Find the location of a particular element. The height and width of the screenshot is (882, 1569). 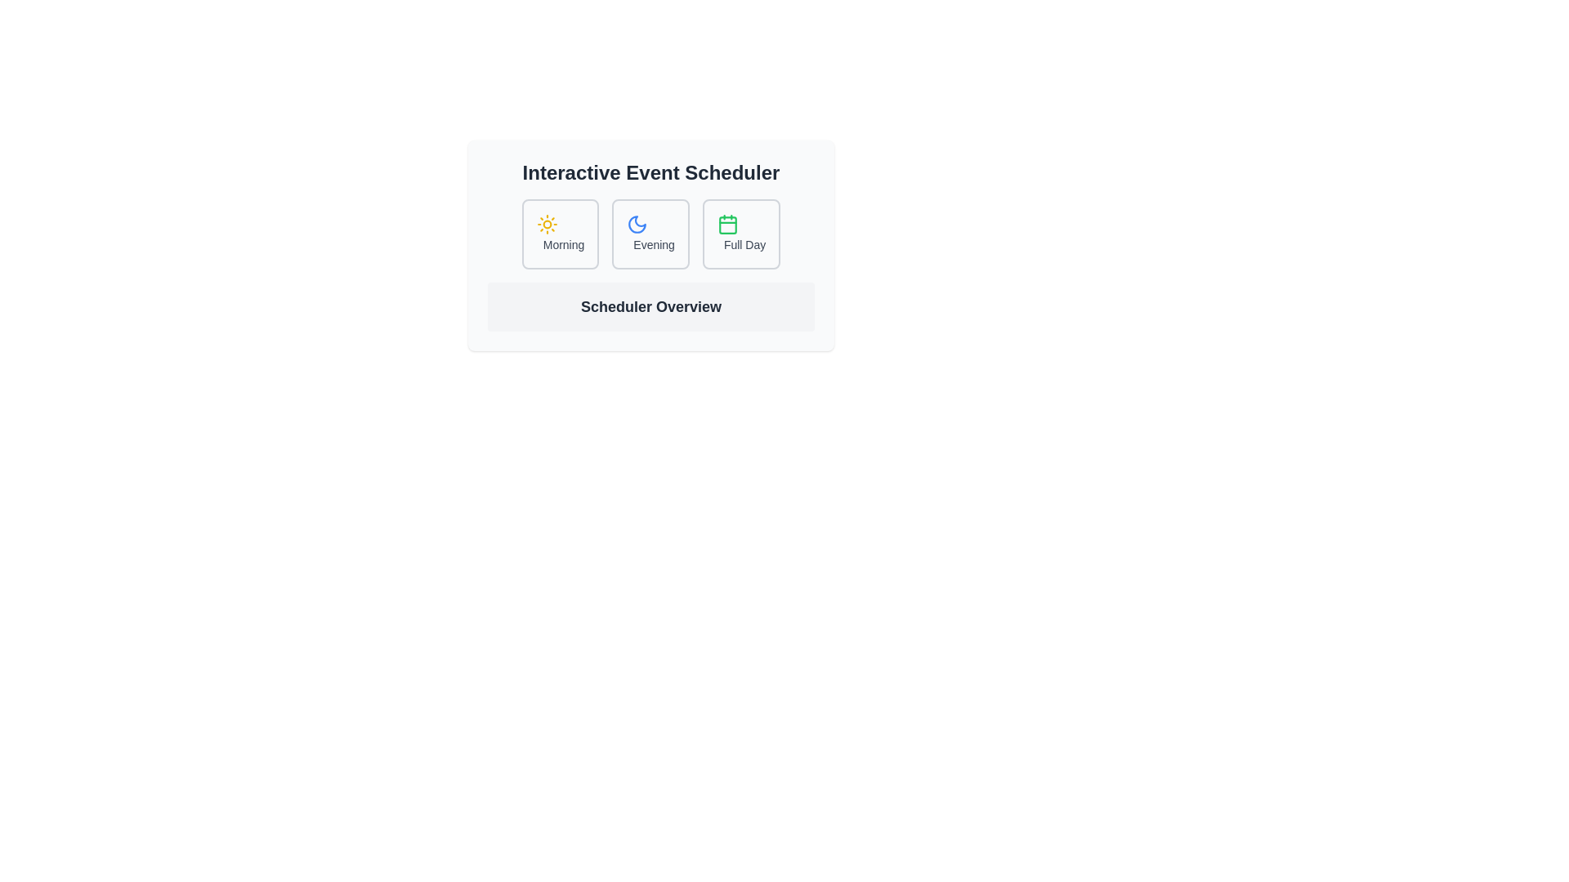

the button labeled 'Evening' which features a blue crescent moon icon and is styled with a light gray border and background, located second from the left in a row of three buttons is located at coordinates (650, 234).